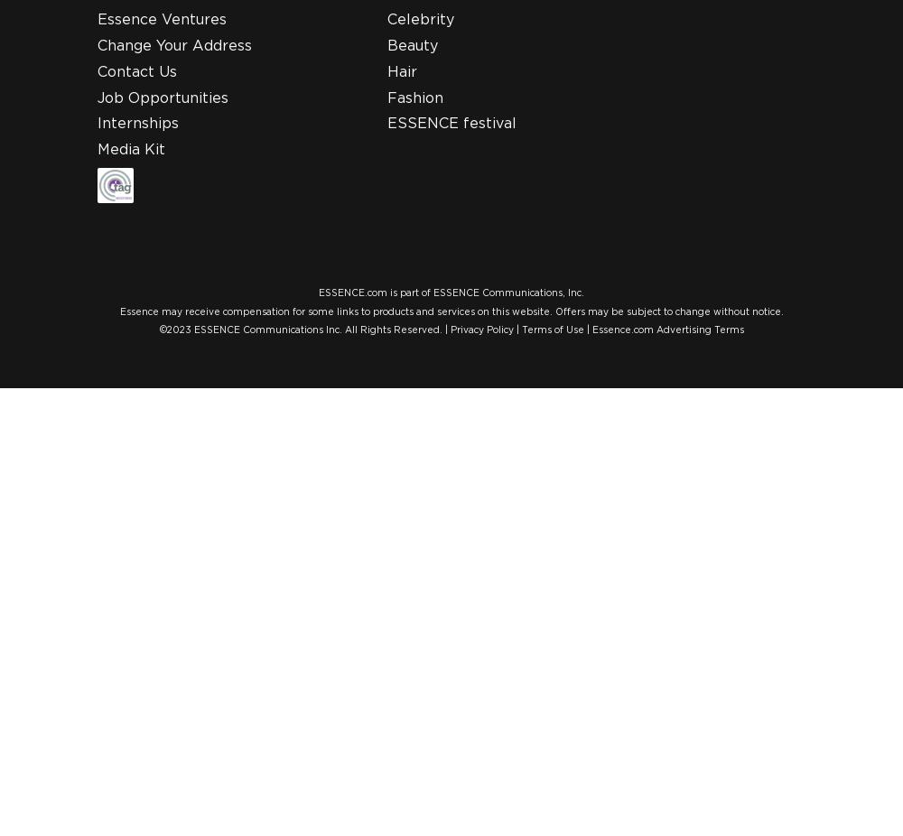 The width and height of the screenshot is (903, 836). Describe the element at coordinates (551, 330) in the screenshot. I see `'Terms of Use'` at that location.